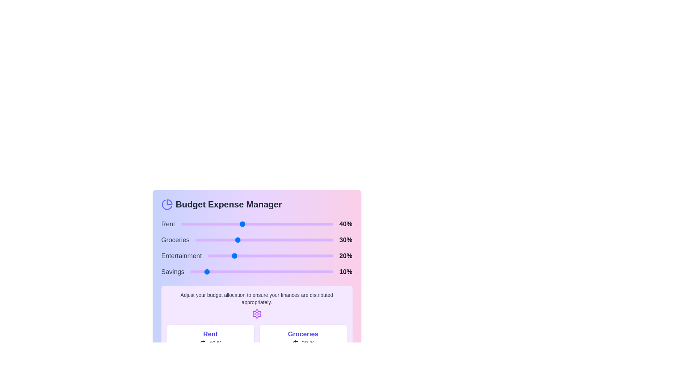  What do you see at coordinates (257, 339) in the screenshot?
I see `the summary section to view detailed allocation breakdowns` at bounding box center [257, 339].